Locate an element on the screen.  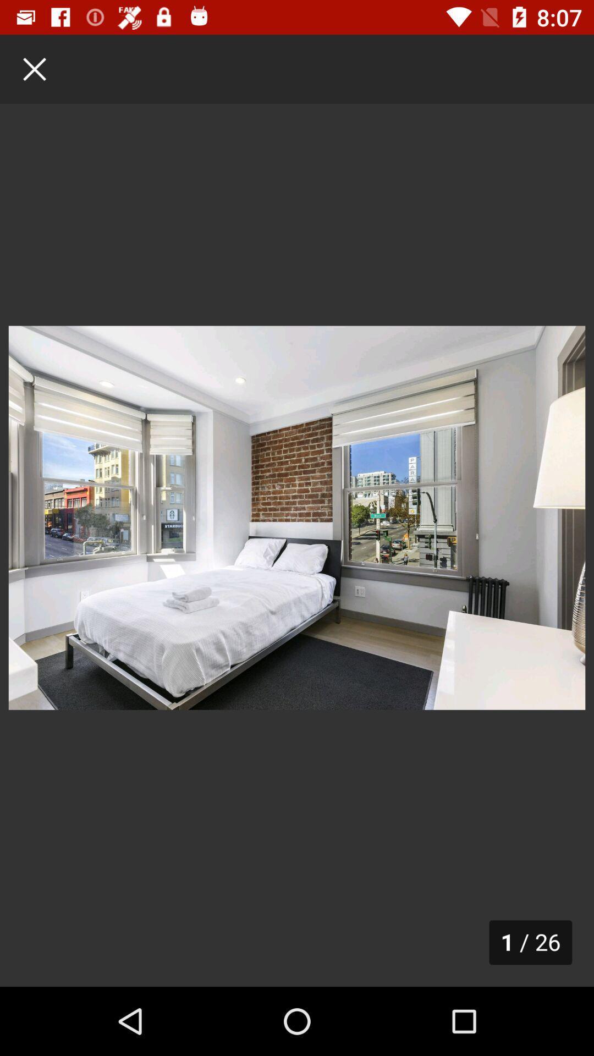
the close icon is located at coordinates (34, 68).